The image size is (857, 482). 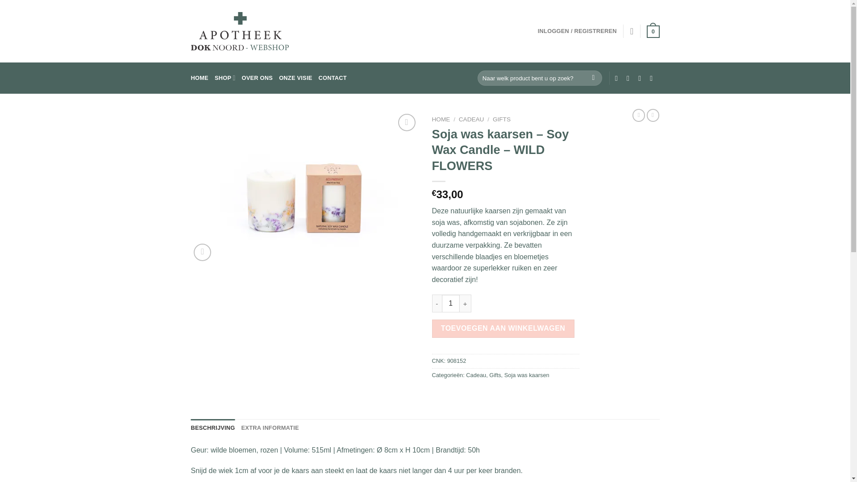 What do you see at coordinates (577, 30) in the screenshot?
I see `'INLOGGEN / REGISTREREN'` at bounding box center [577, 30].